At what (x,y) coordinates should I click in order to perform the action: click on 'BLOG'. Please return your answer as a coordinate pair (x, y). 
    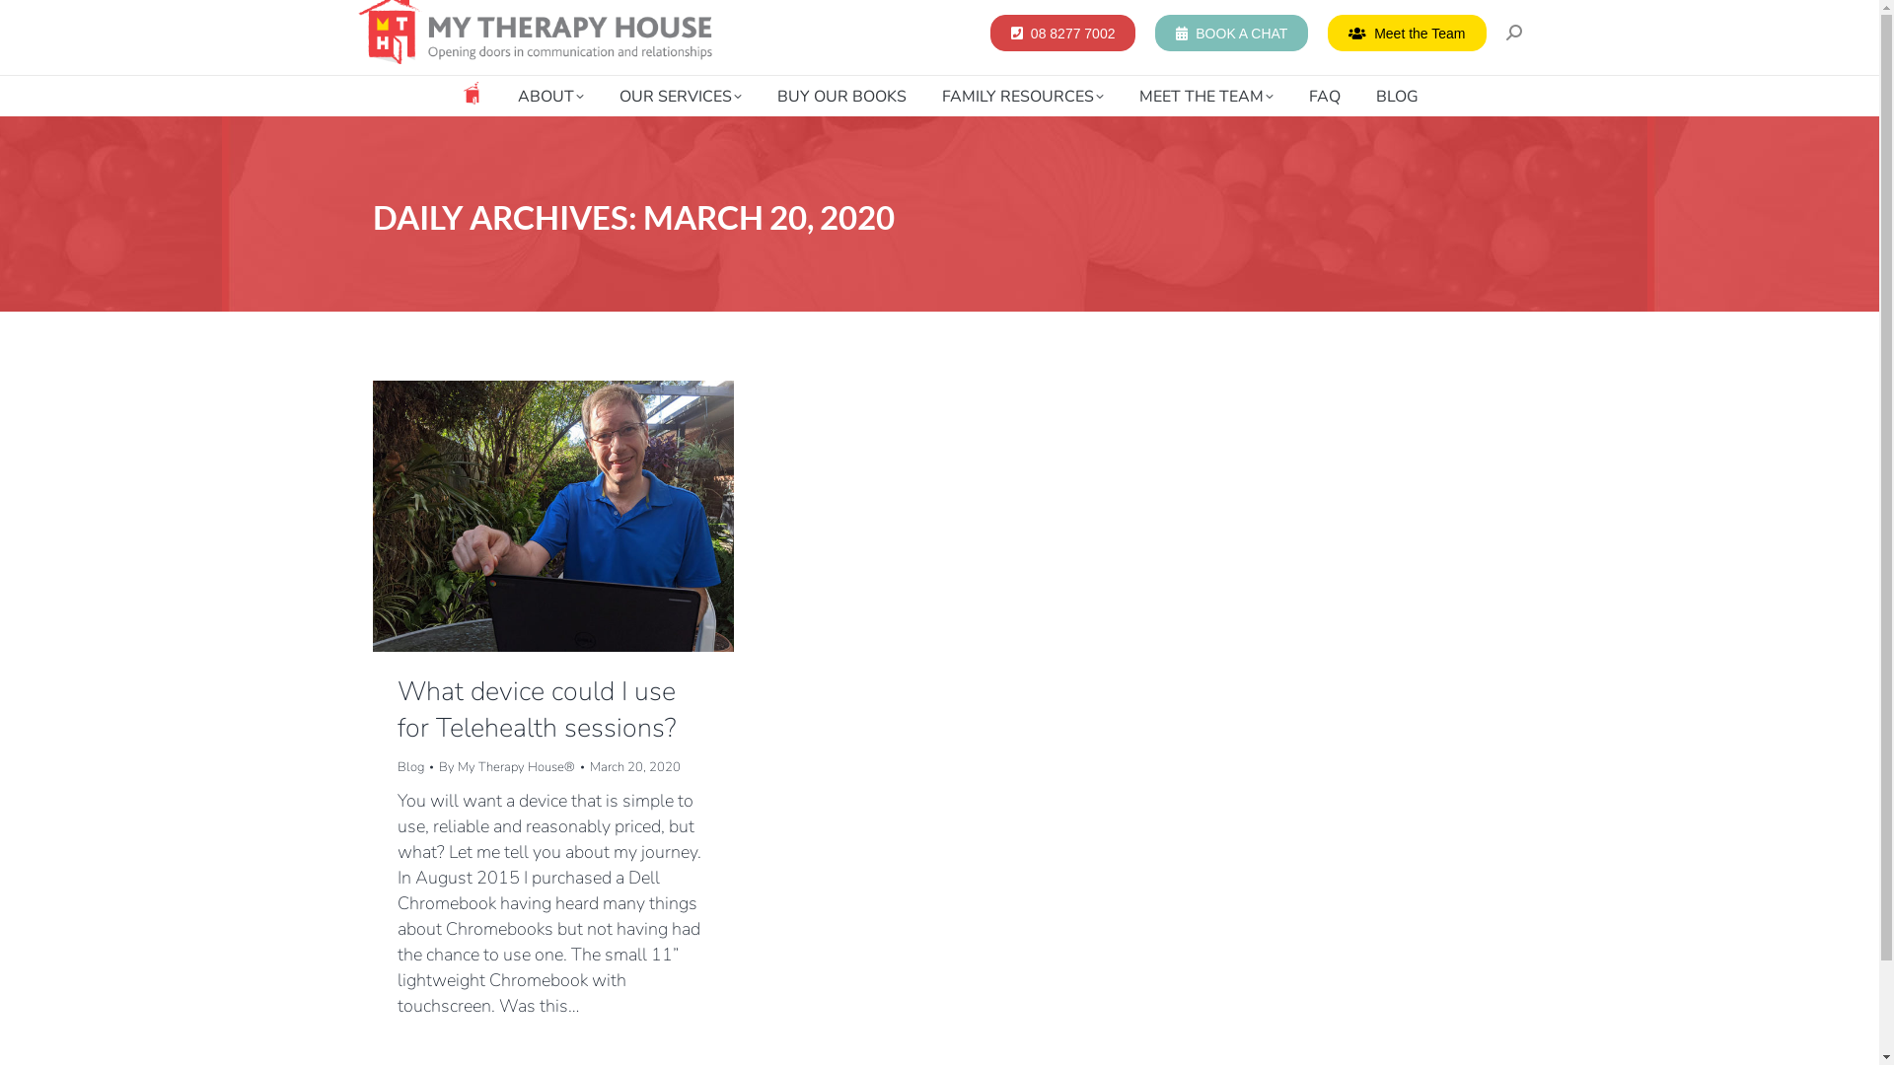
    Looking at the image, I should click on (1366, 96).